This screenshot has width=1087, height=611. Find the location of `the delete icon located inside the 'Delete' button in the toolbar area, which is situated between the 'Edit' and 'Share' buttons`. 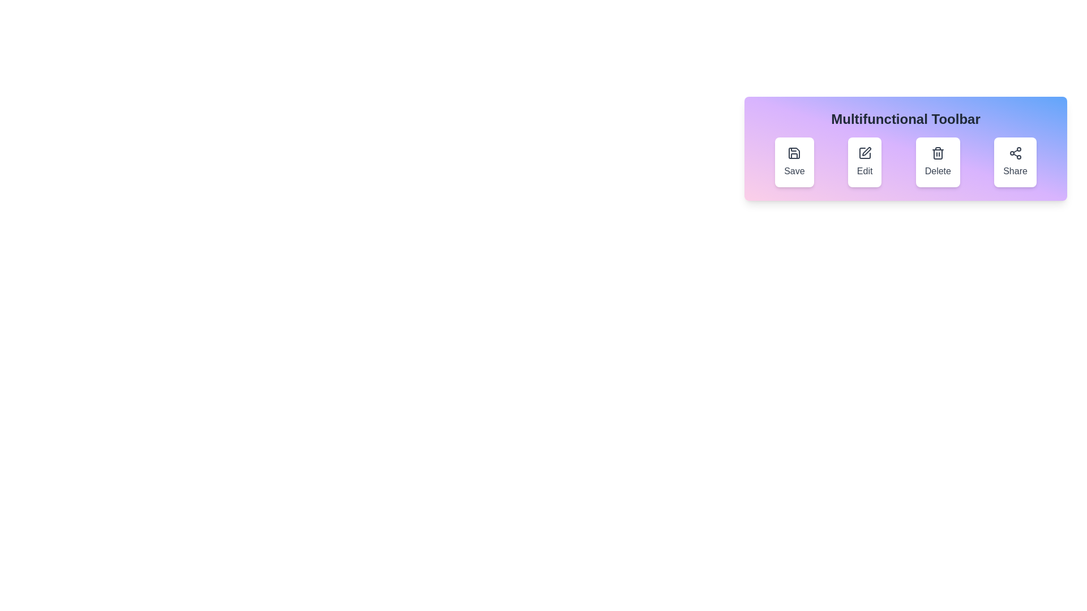

the delete icon located inside the 'Delete' button in the toolbar area, which is situated between the 'Edit' and 'Share' buttons is located at coordinates (938, 153).